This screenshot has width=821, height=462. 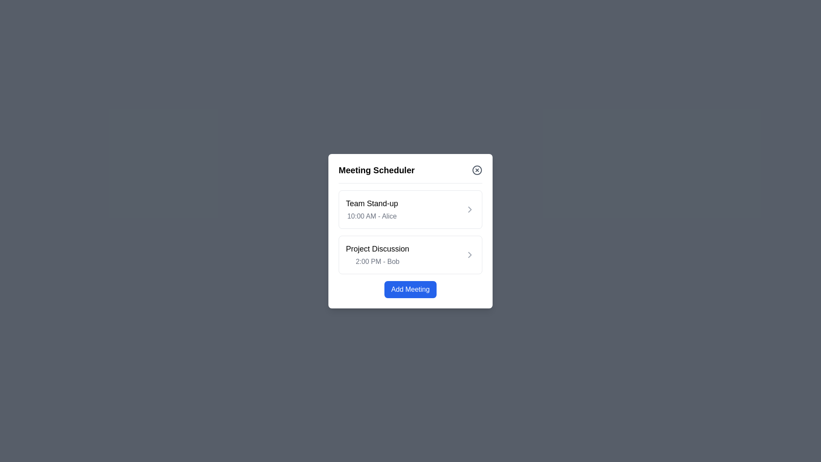 What do you see at coordinates (410, 289) in the screenshot?
I see `the 'Add Meeting' button, which is styled with a blue background and white text, located centrally at the bottom of the 'Meeting Scheduler' dialog` at bounding box center [410, 289].